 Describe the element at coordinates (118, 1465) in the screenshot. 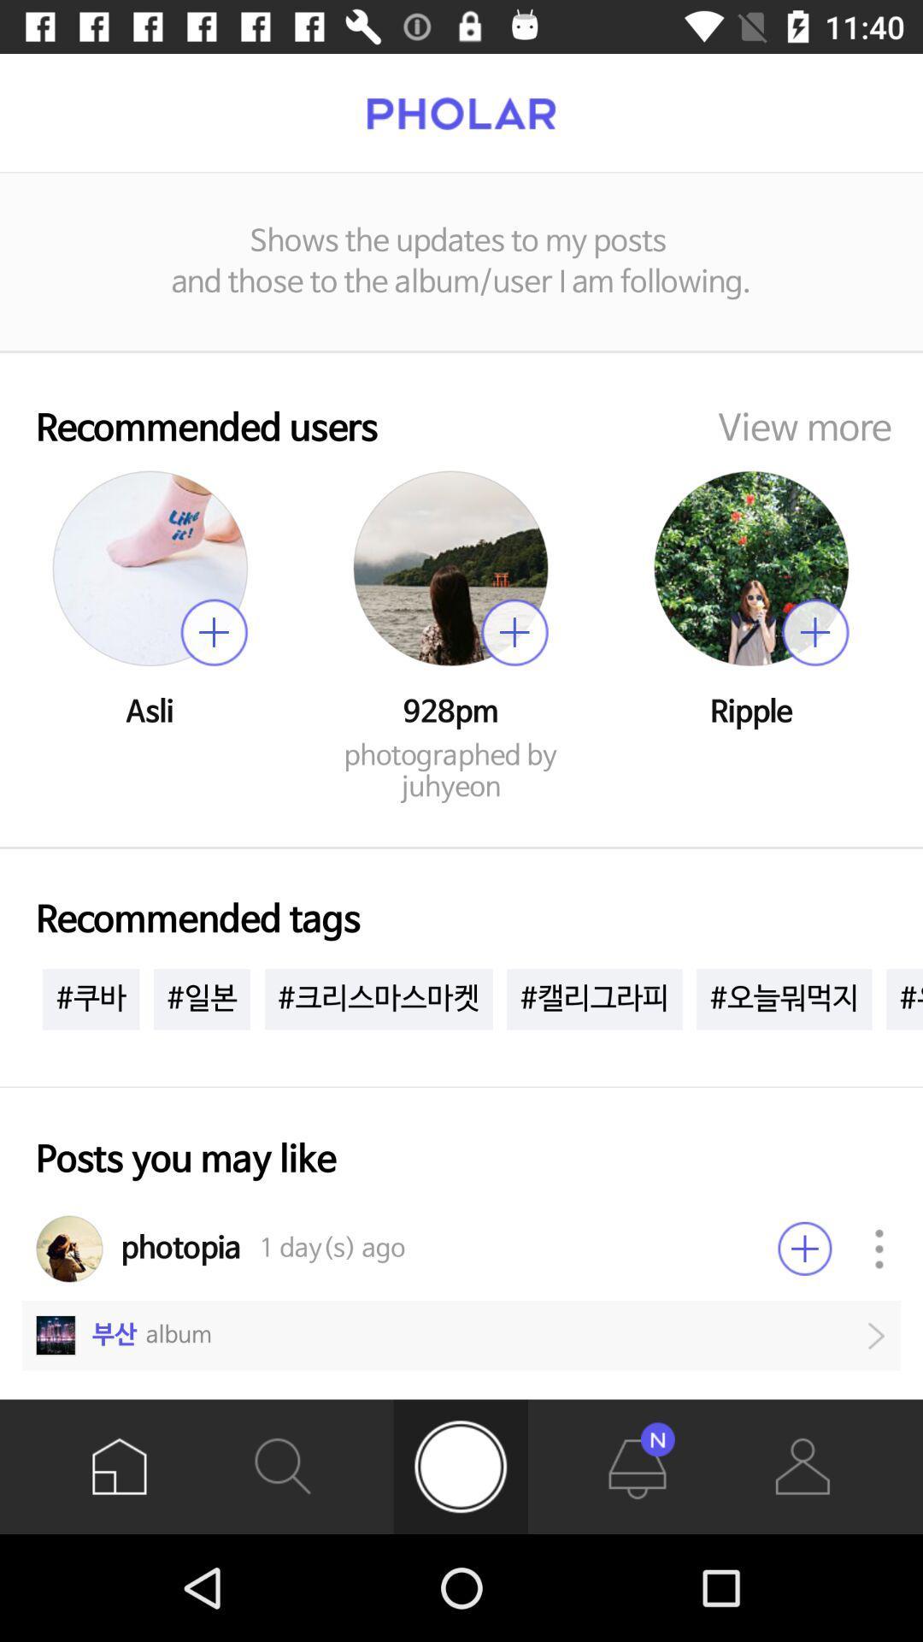

I see `the home icon` at that location.